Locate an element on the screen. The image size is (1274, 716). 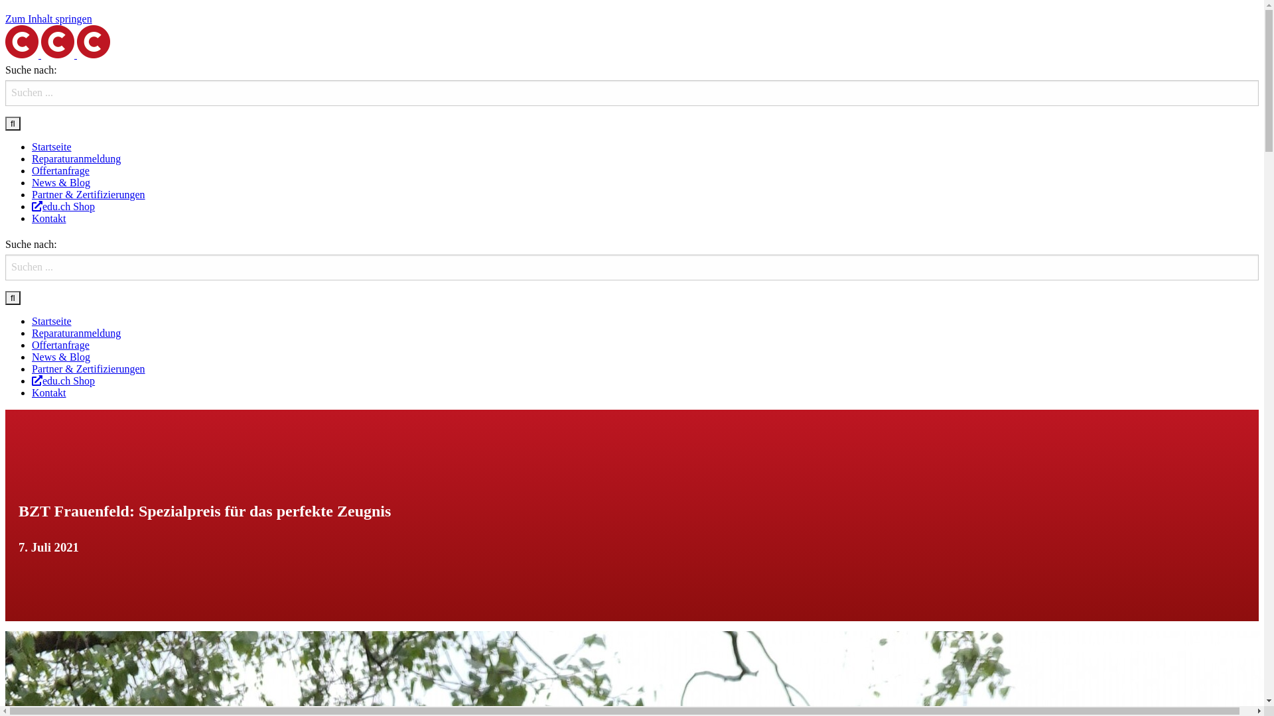
'Kontakt' is located at coordinates (48, 392).